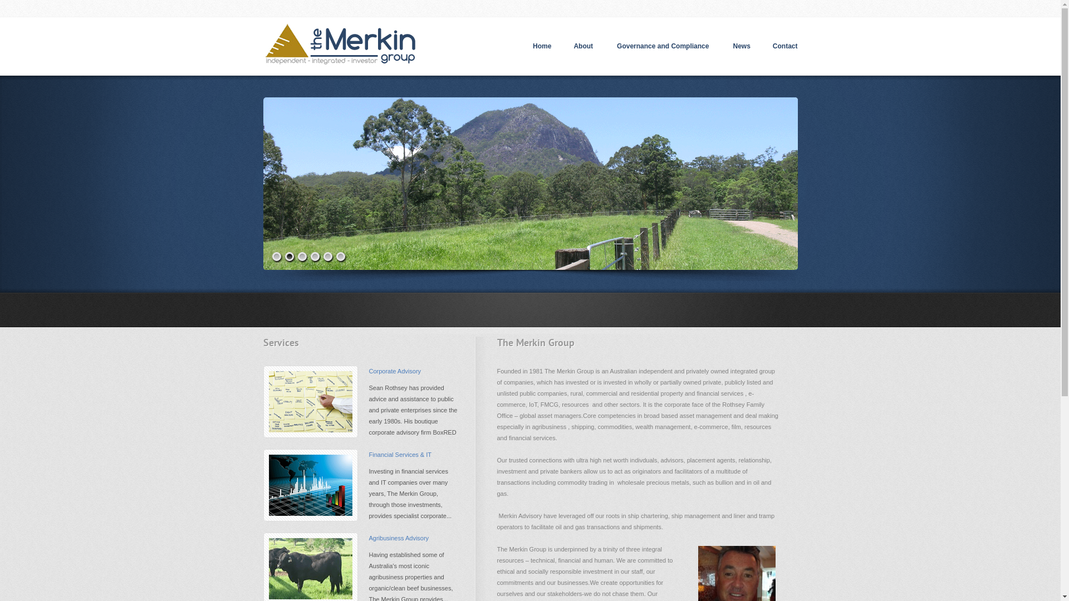 Image resolution: width=1069 pixels, height=601 pixels. I want to click on 'Governance and Compliance', so click(605, 46).